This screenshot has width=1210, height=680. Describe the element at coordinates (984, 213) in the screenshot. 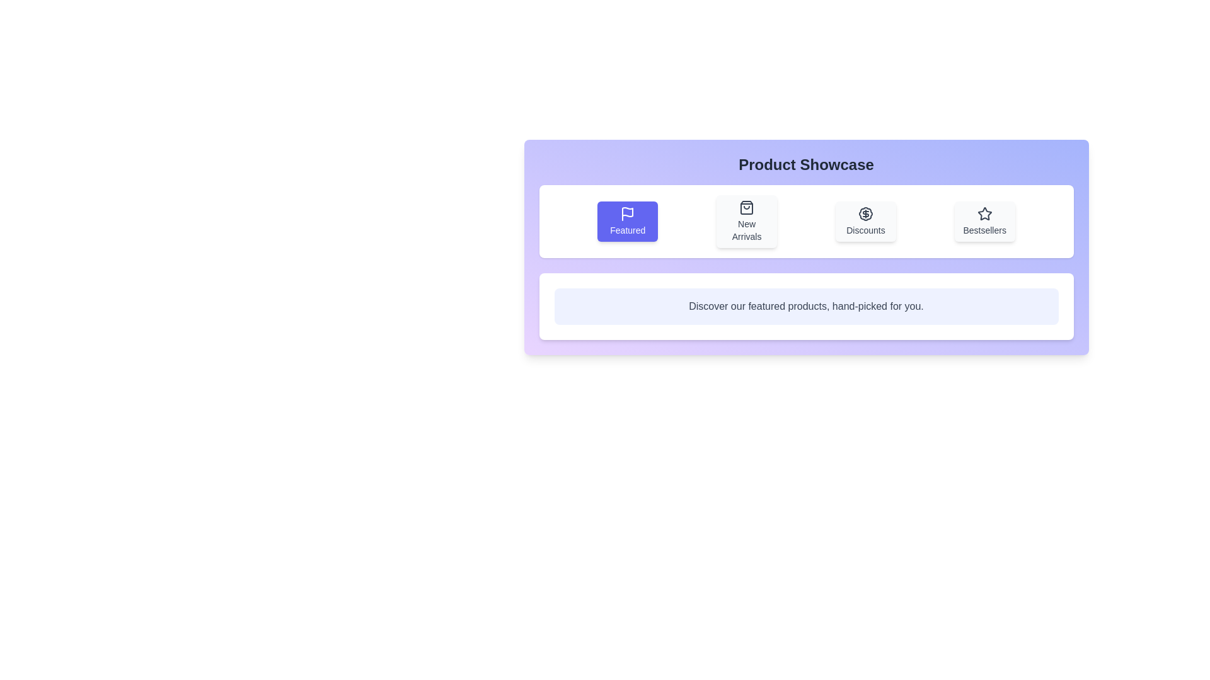

I see `the decorative star icon associated with the Bestsellers section of the UI, located at the rightmost side of the horizontal list` at that location.